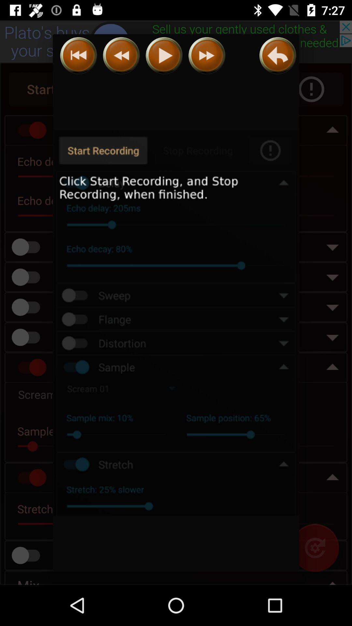 The width and height of the screenshot is (352, 626). I want to click on previous button, so click(78, 55).